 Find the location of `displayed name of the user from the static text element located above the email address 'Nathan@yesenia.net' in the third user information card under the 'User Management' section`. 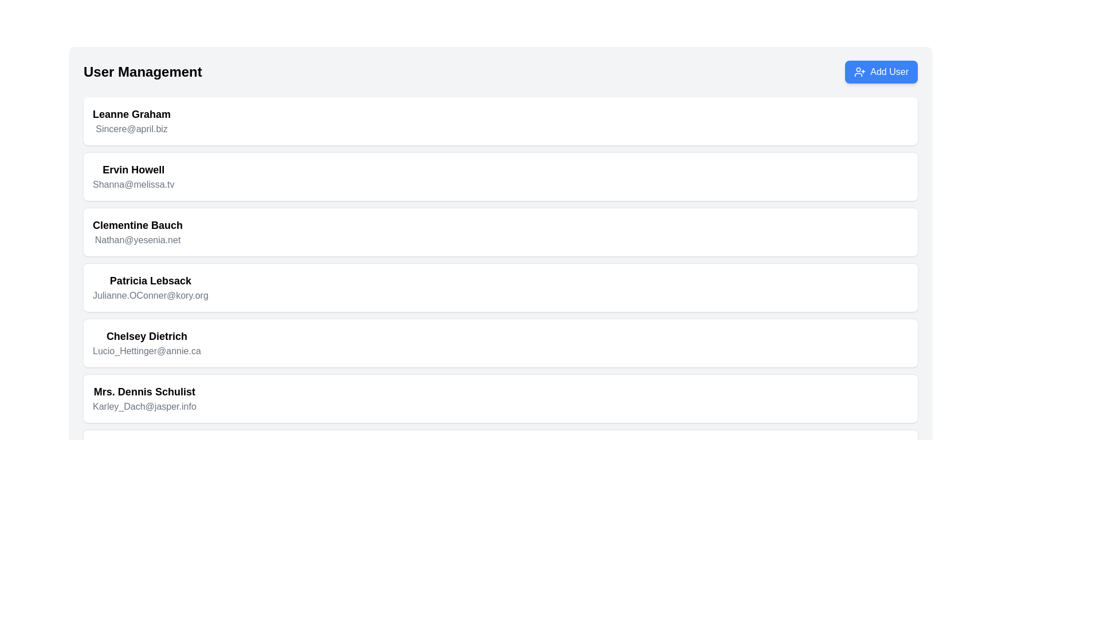

displayed name of the user from the static text element located above the email address 'Nathan@yesenia.net' in the third user information card under the 'User Management' section is located at coordinates (137, 225).